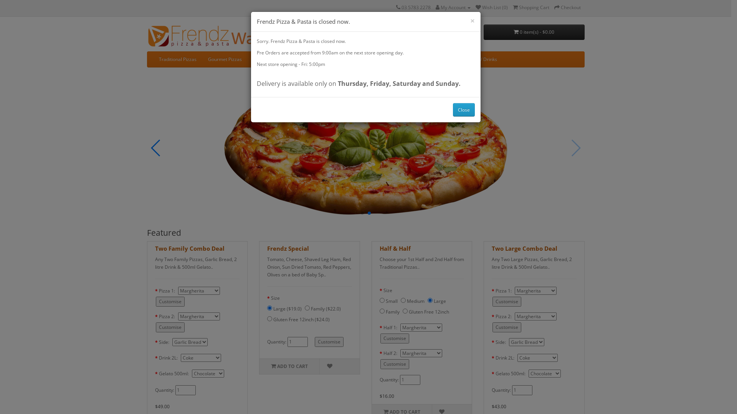 The width and height of the screenshot is (737, 414). Describe the element at coordinates (463, 109) in the screenshot. I see `'Close'` at that location.